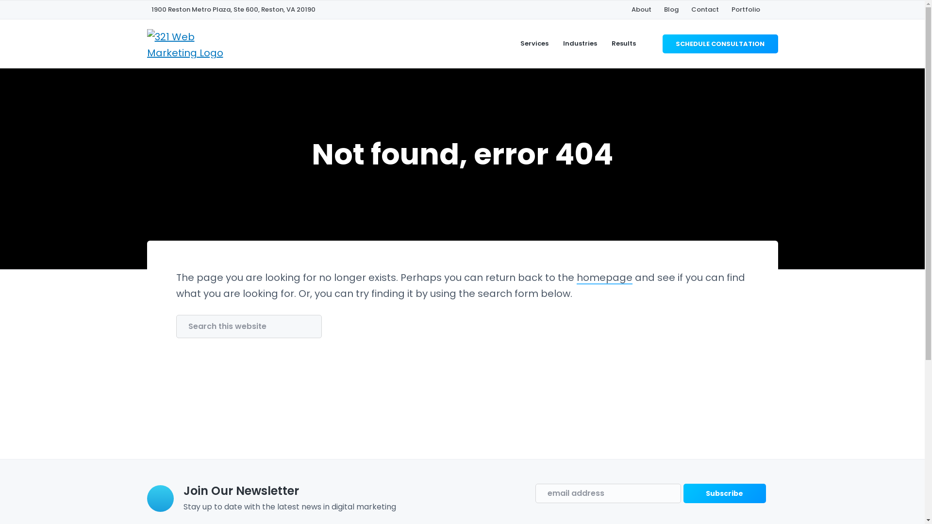 Image resolution: width=932 pixels, height=524 pixels. Describe the element at coordinates (580, 43) in the screenshot. I see `'Industries'` at that location.